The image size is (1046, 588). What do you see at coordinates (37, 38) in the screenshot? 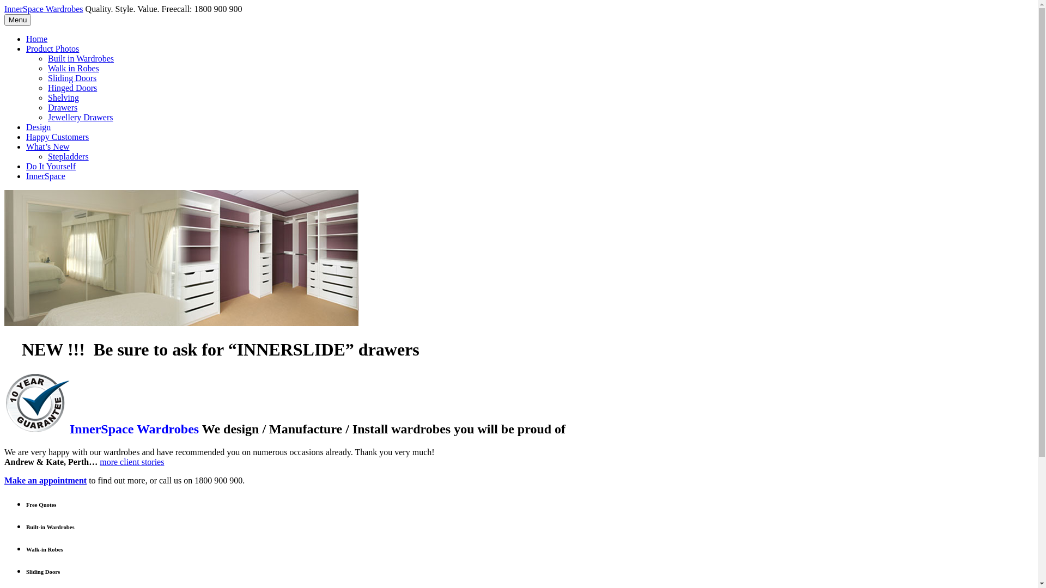
I see `'Home'` at bounding box center [37, 38].